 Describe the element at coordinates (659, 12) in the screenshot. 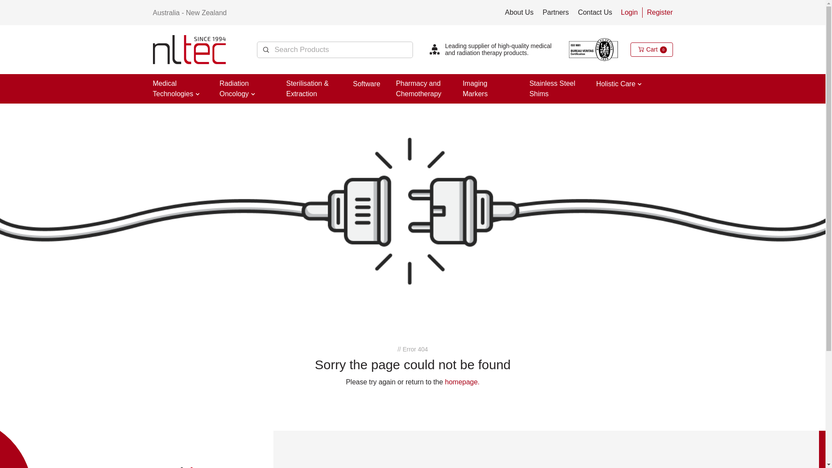

I see `'Register'` at that location.